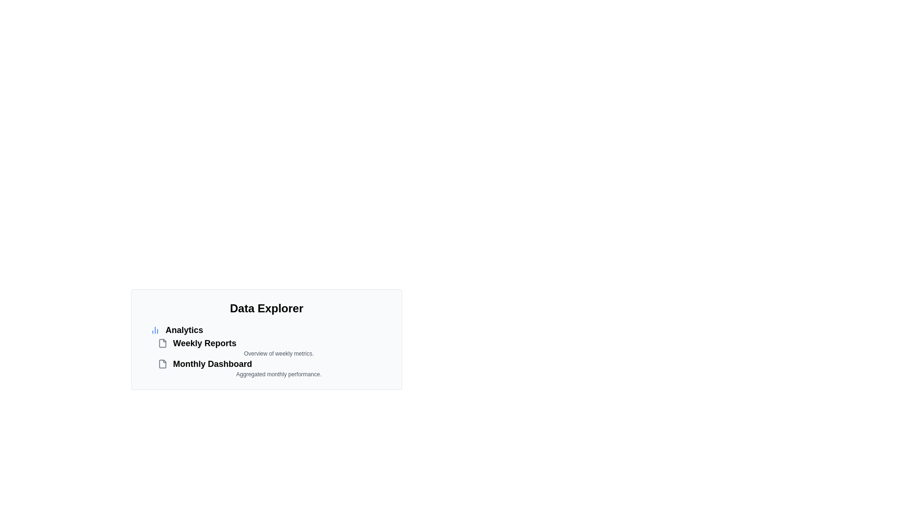 This screenshot has width=903, height=508. What do you see at coordinates (162, 364) in the screenshot?
I see `the decorative icon located to the left of the 'Monthly Dashboard' label in the 'Data Explorer' section` at bounding box center [162, 364].